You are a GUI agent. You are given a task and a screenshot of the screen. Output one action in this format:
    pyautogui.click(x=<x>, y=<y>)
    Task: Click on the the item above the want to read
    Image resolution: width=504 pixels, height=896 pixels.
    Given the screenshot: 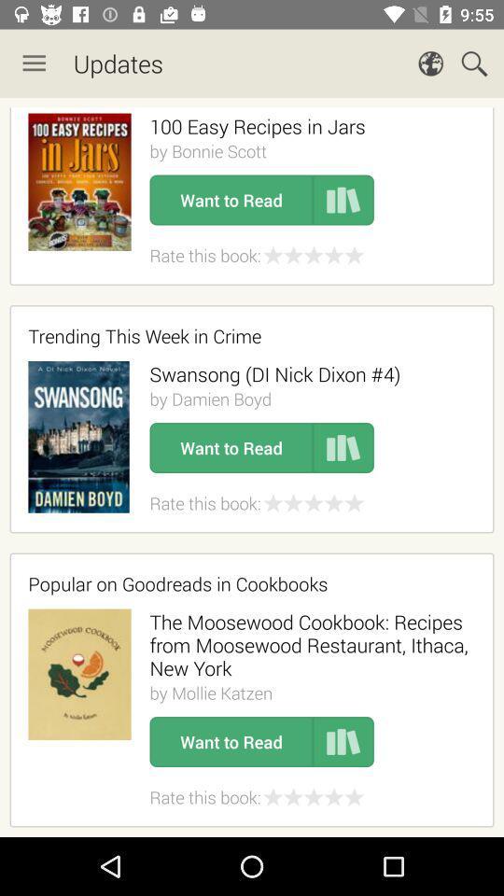 What is the action you would take?
    pyautogui.click(x=209, y=399)
    